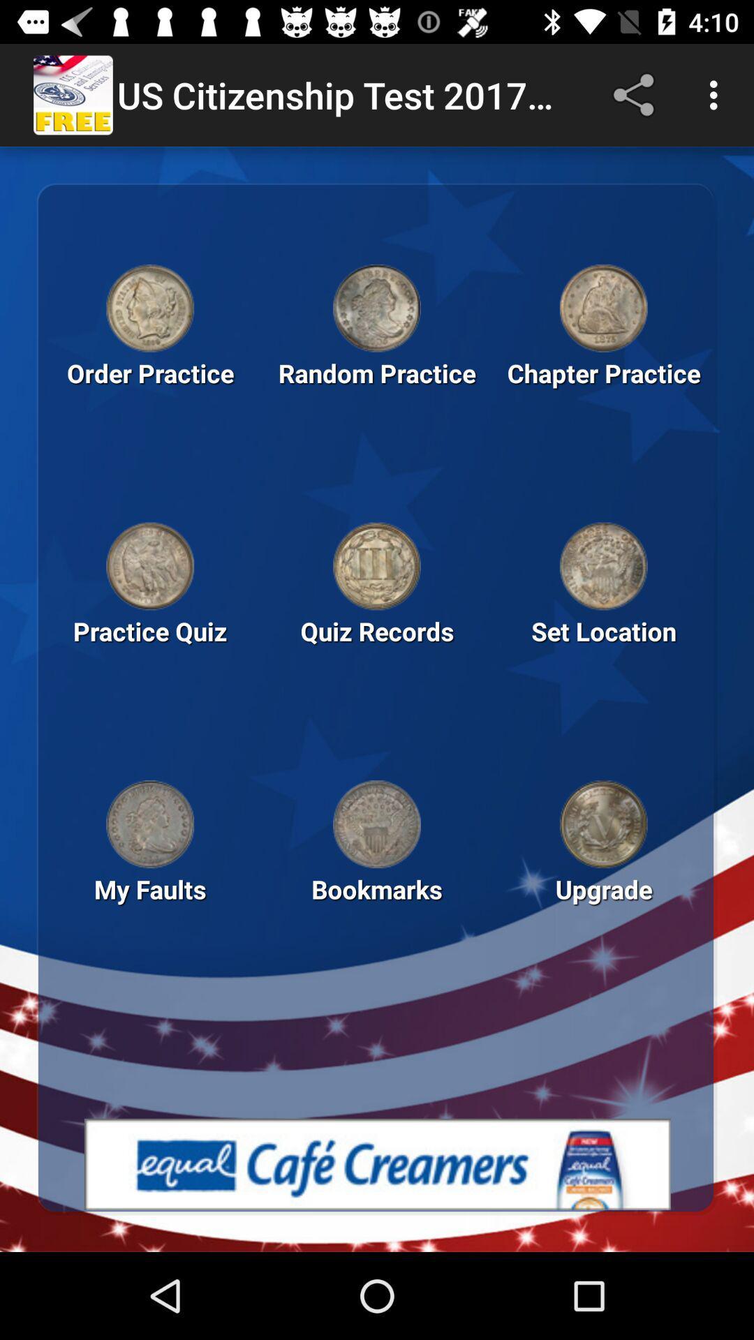 This screenshot has height=1340, width=754. I want to click on quiz records, so click(377, 566).